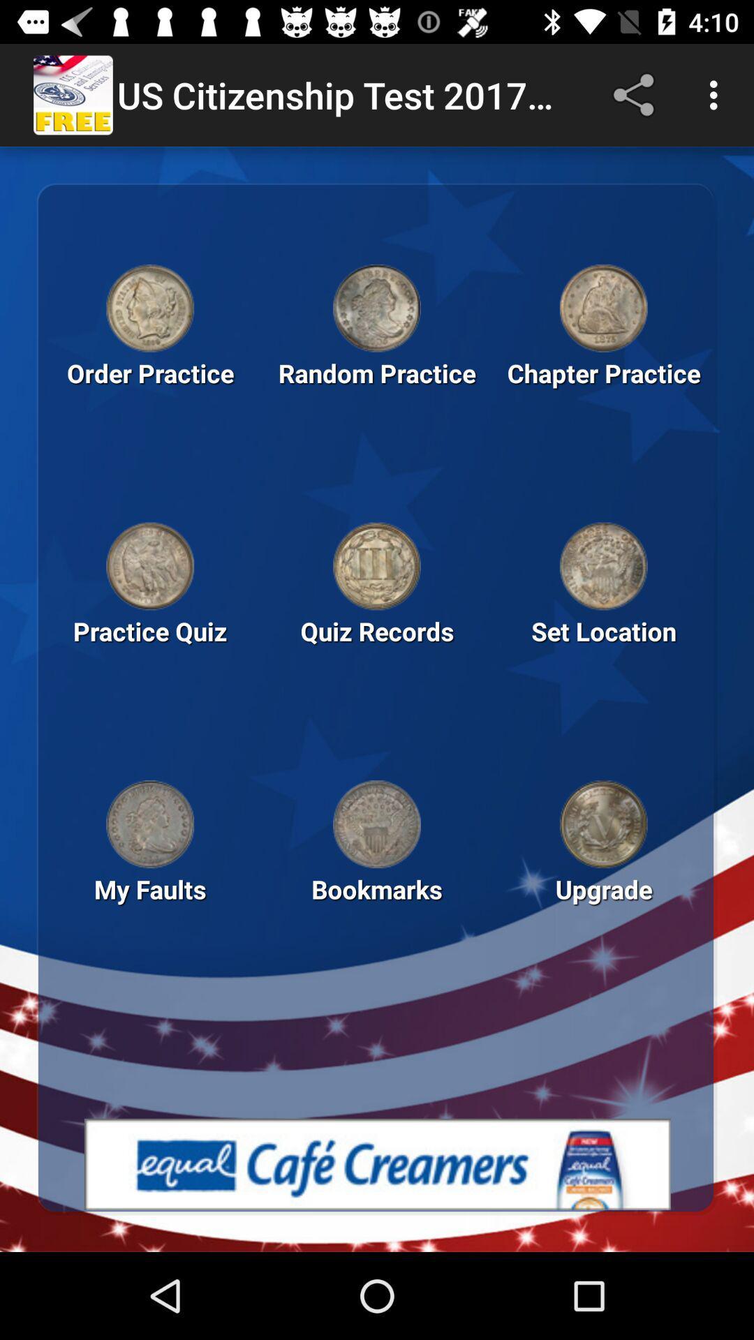 This screenshot has height=1340, width=754. I want to click on quiz records, so click(377, 566).